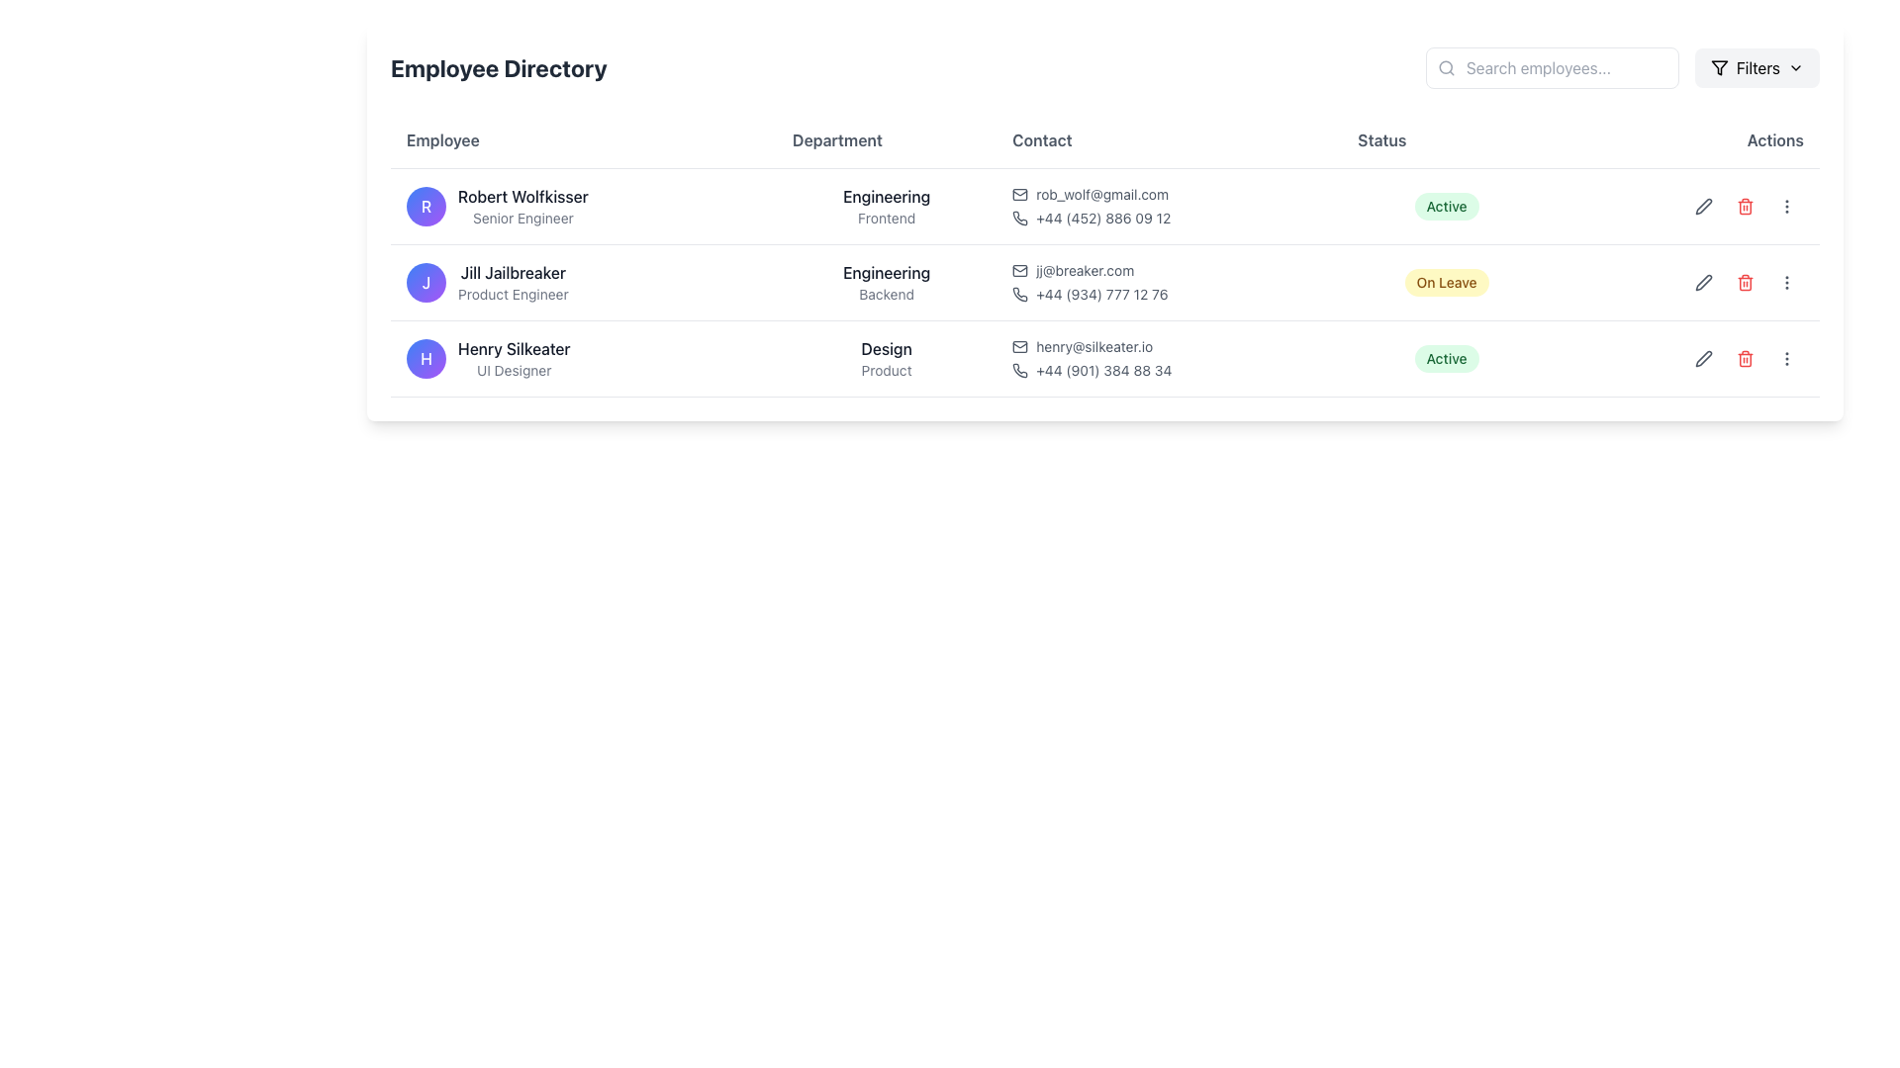 This screenshot has width=1900, height=1068. What do you see at coordinates (1020, 294) in the screenshot?
I see `the phone-shaped icon in the 'Contact' column next to Jill Jailbreaker's phone number` at bounding box center [1020, 294].